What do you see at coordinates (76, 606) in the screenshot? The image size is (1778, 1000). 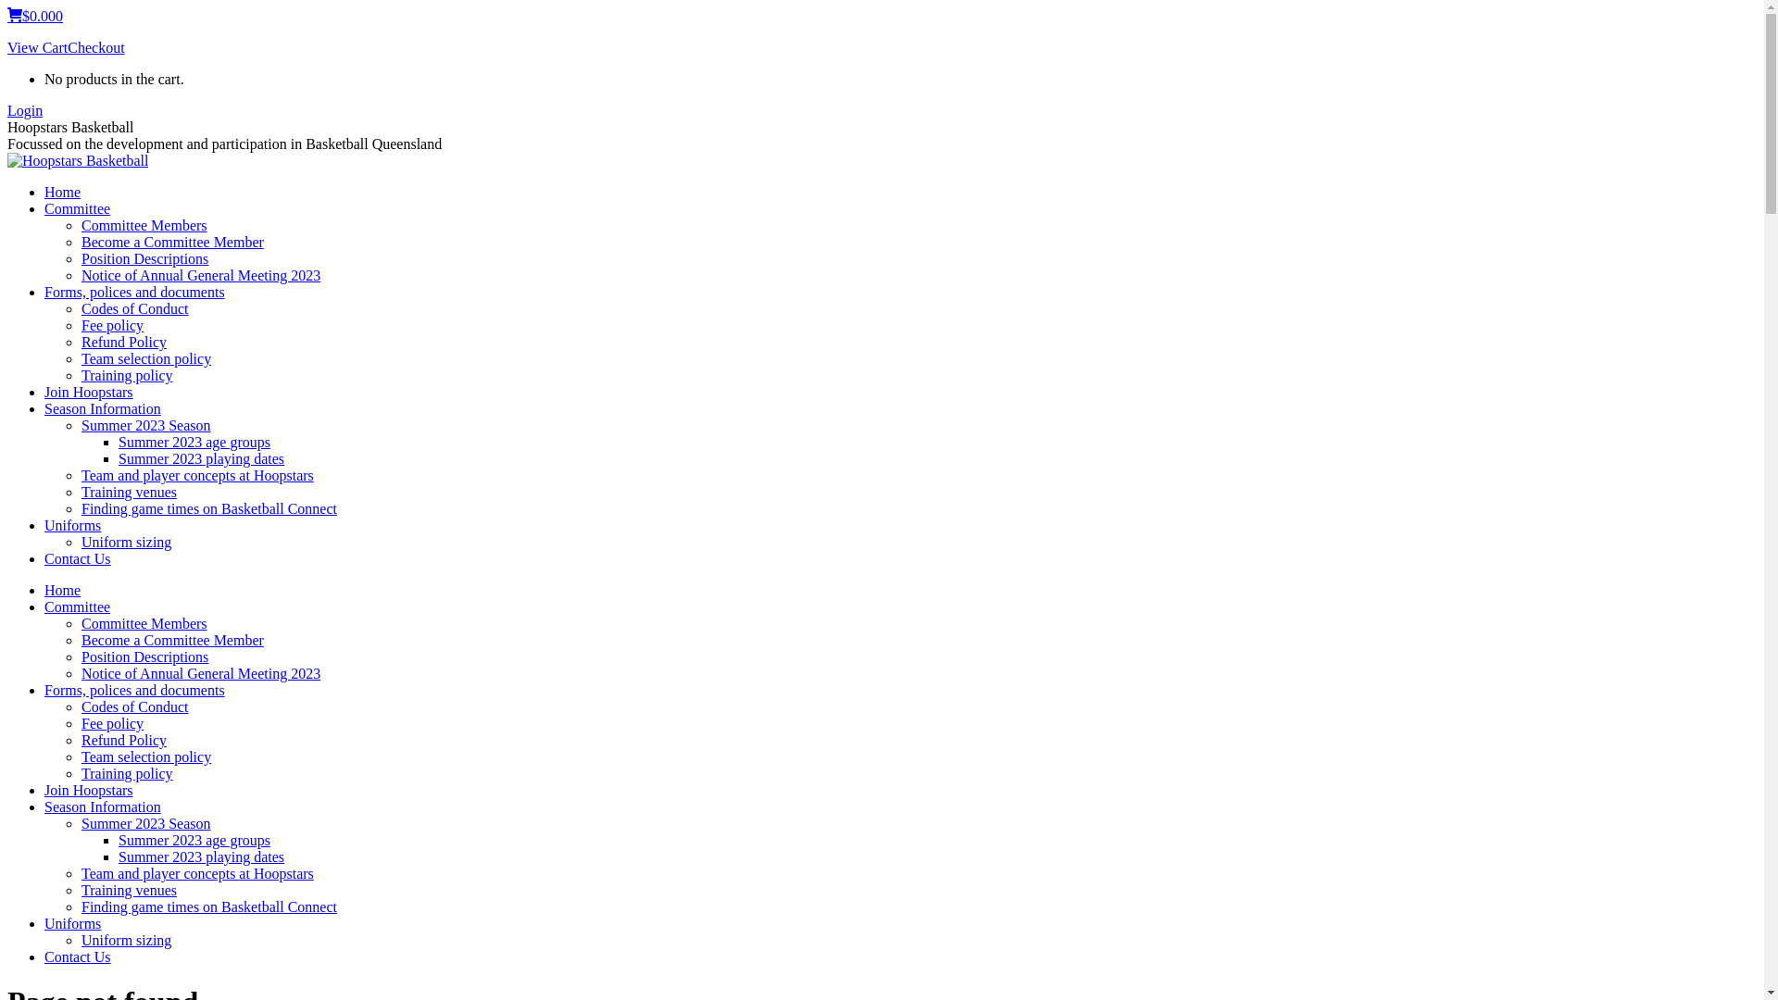 I see `'Committee'` at bounding box center [76, 606].